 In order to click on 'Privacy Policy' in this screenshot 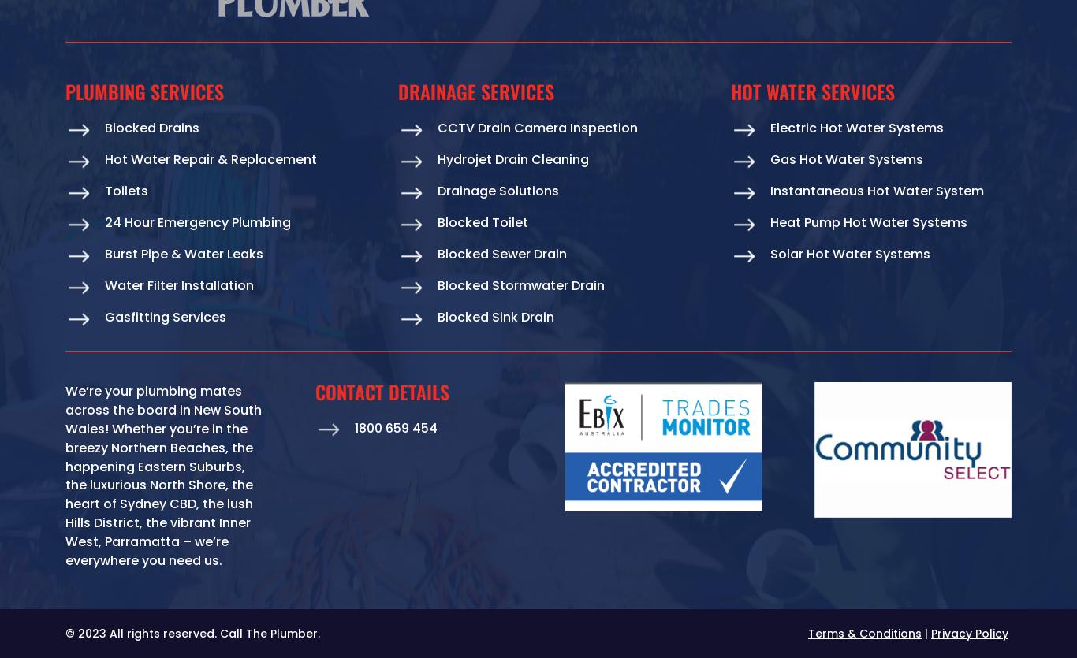, I will do `click(931, 633)`.